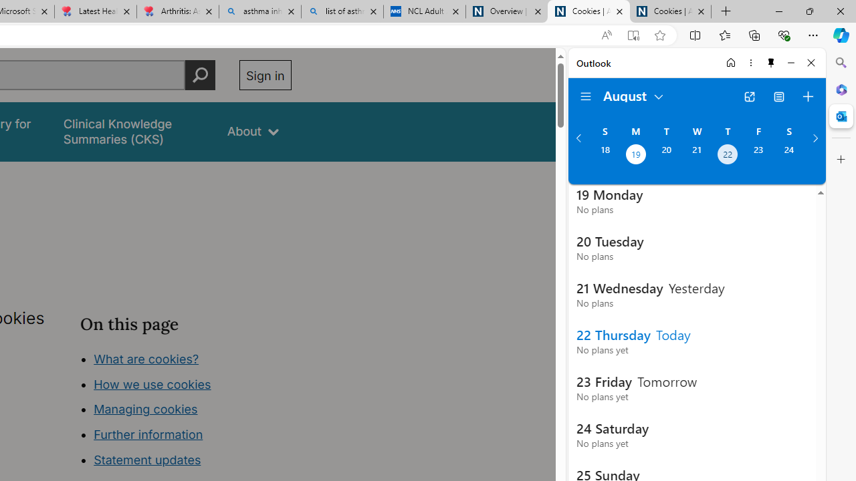 The height and width of the screenshot is (481, 856). I want to click on 'Further information', so click(148, 434).